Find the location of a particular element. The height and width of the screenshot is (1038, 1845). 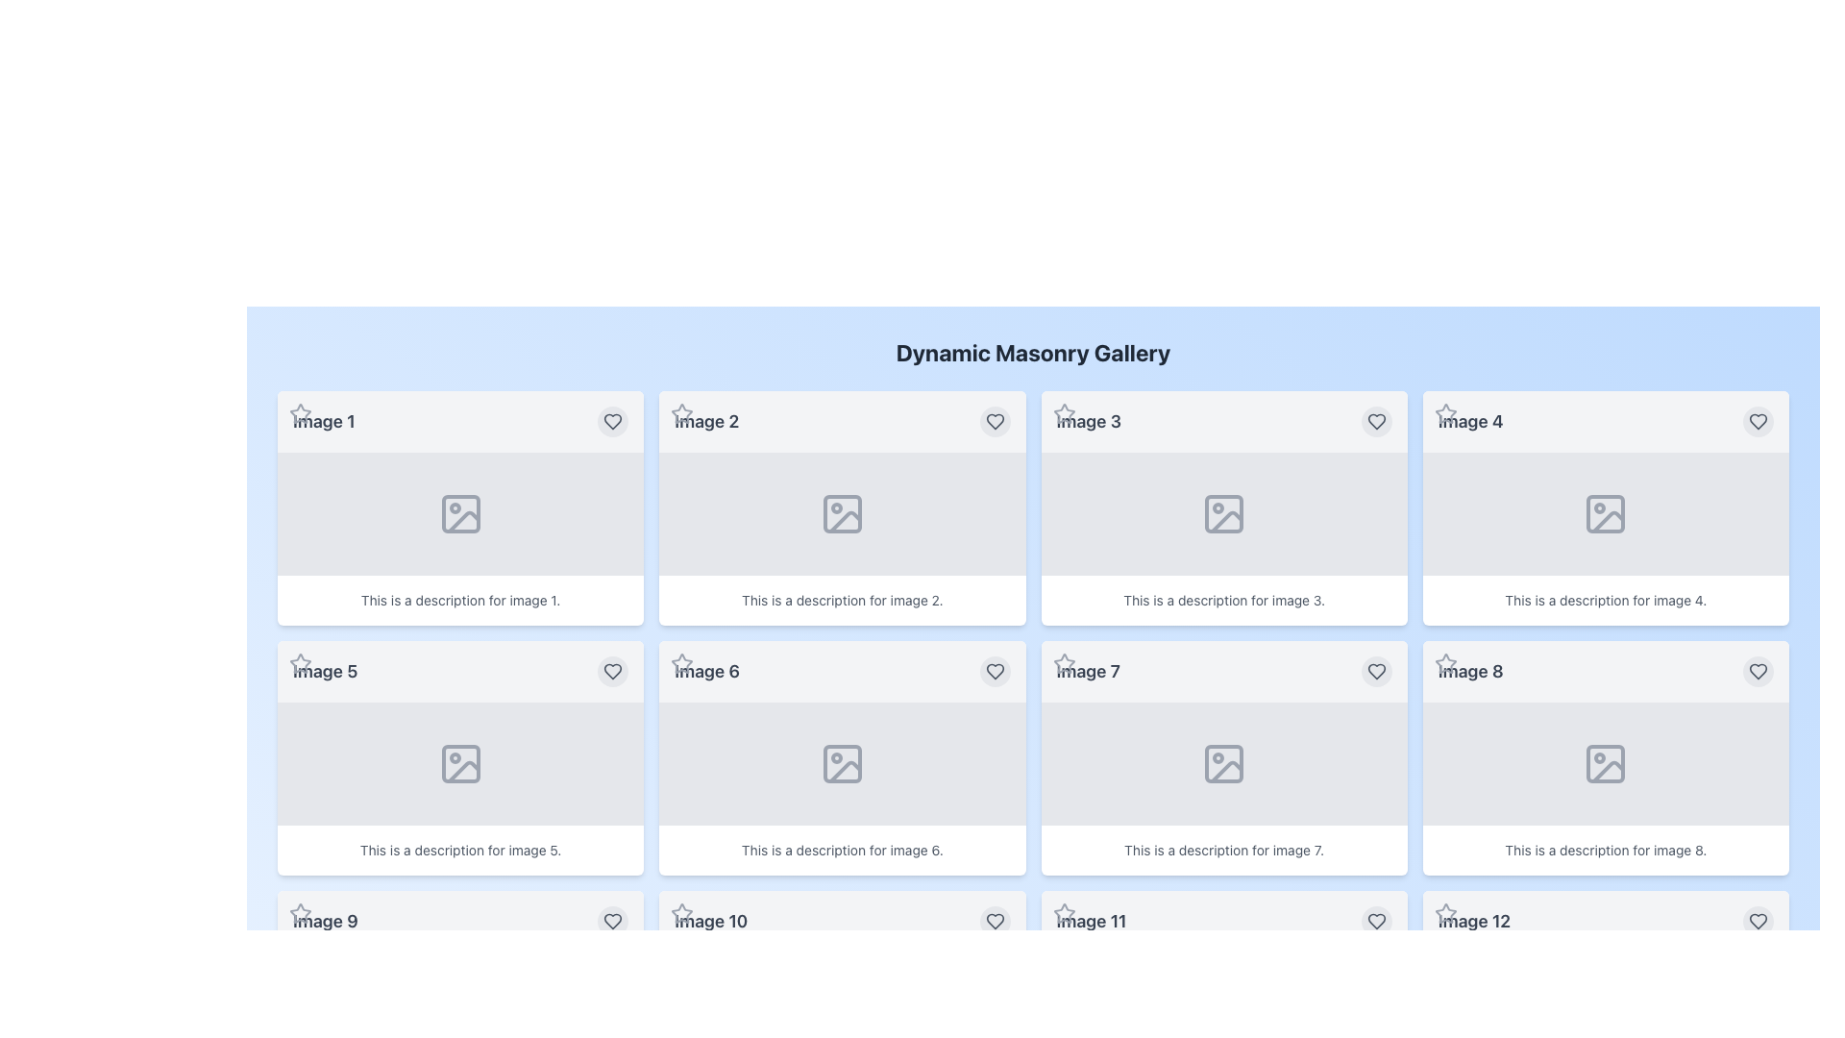

the favorite icon button located at the top left corner of the 'Image 7' card to observe visual changes is located at coordinates (1063, 662).